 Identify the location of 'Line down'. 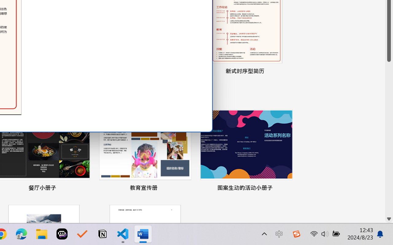
(389, 219).